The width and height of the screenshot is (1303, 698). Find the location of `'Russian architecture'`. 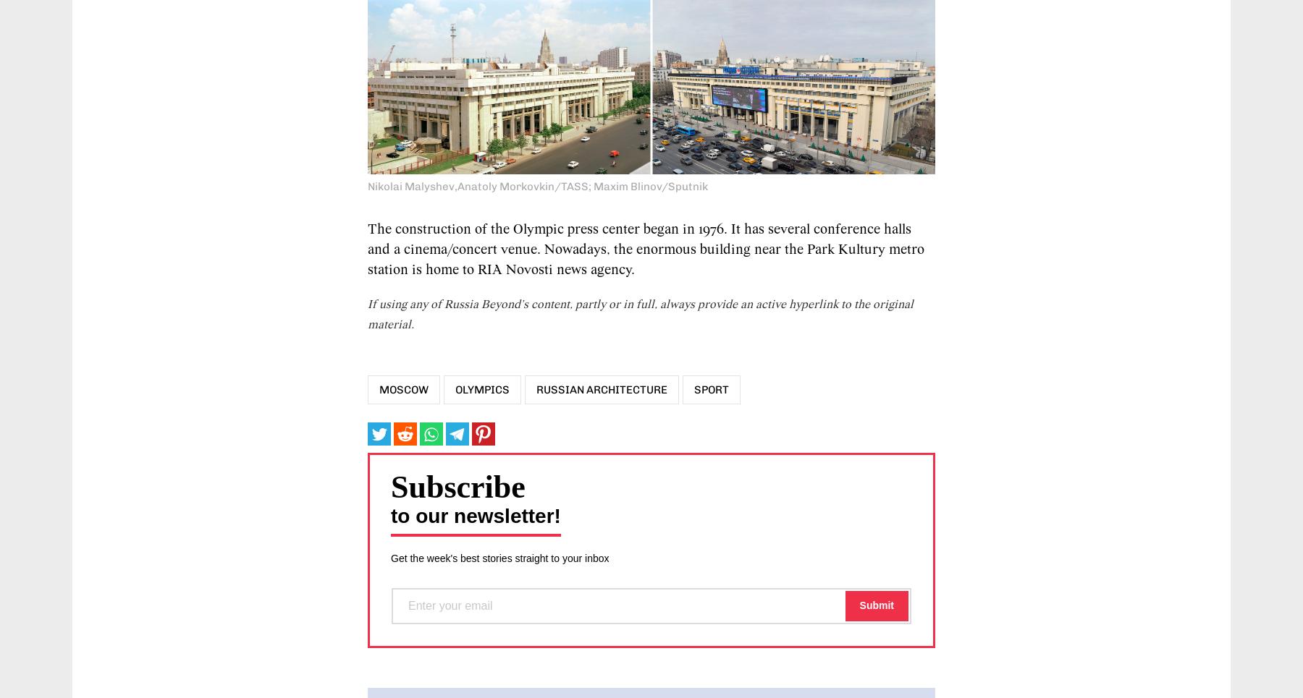

'Russian architecture' is located at coordinates (602, 388).